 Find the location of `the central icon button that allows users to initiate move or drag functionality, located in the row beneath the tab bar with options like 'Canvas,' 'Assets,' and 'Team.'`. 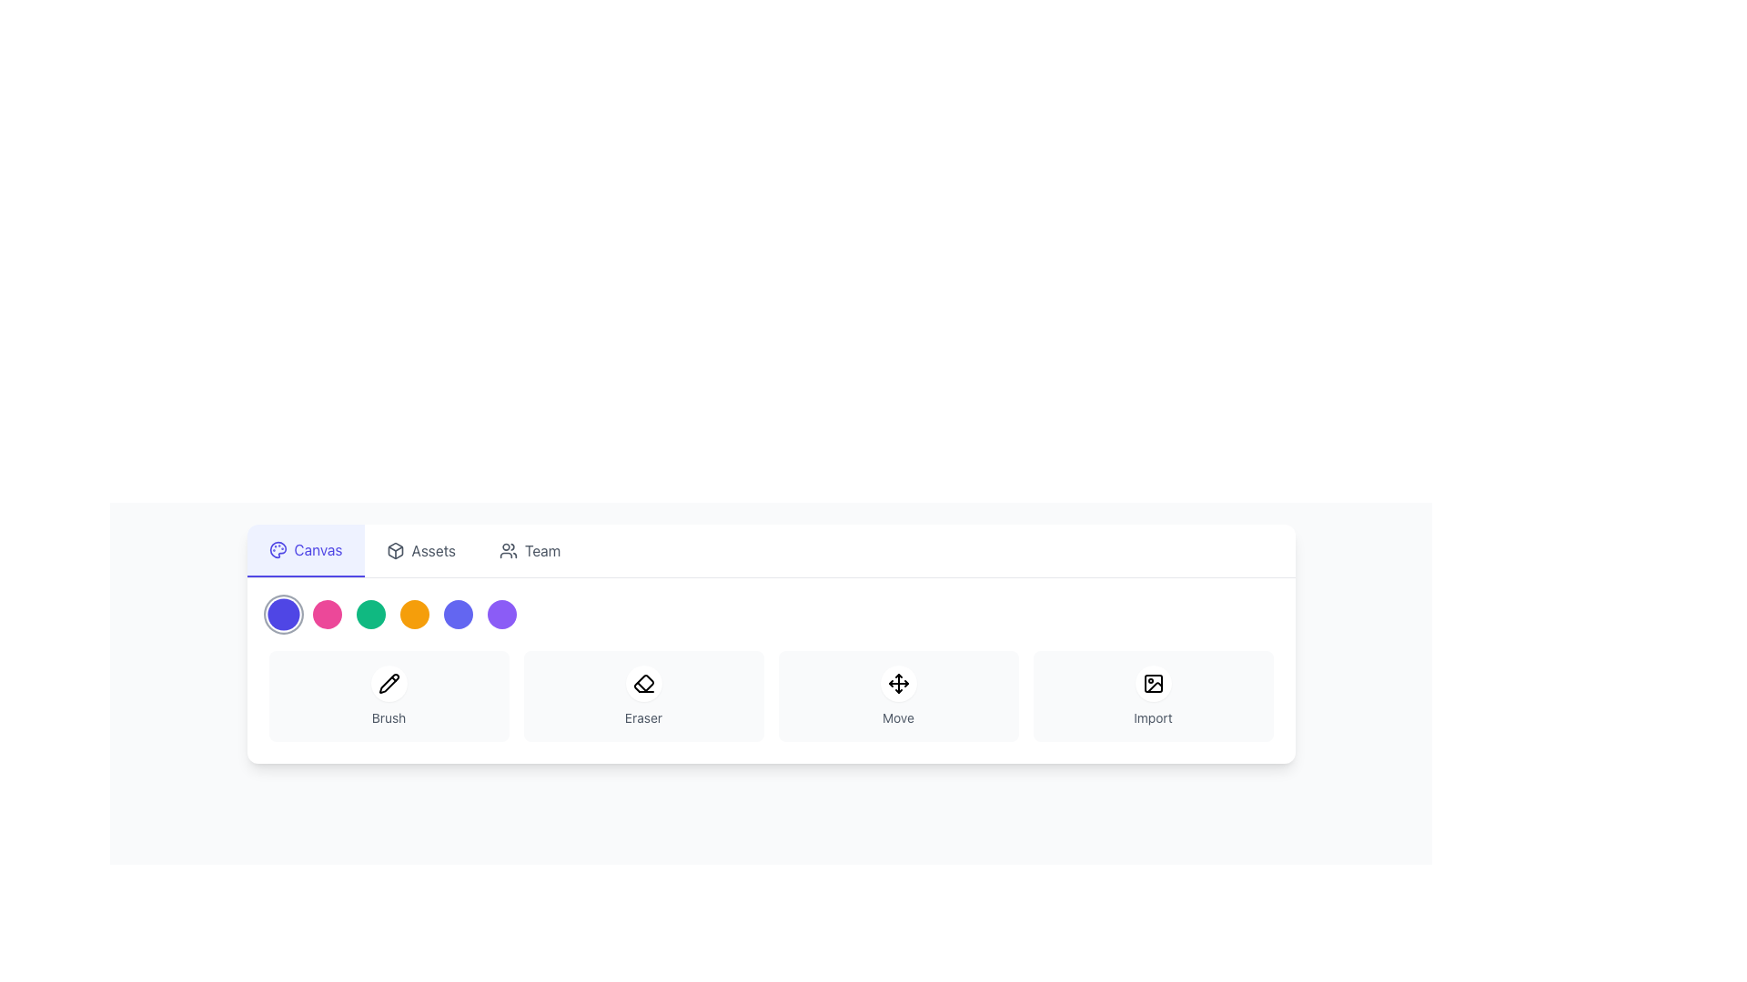

the central icon button that allows users to initiate move or drag functionality, located in the row beneath the tab bar with options like 'Canvas,' 'Assets,' and 'Team.' is located at coordinates (898, 684).